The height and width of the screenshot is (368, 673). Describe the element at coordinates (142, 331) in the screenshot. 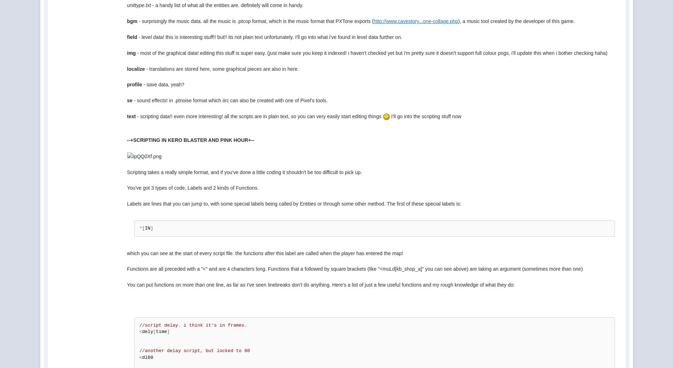

I see `'dely'` at that location.